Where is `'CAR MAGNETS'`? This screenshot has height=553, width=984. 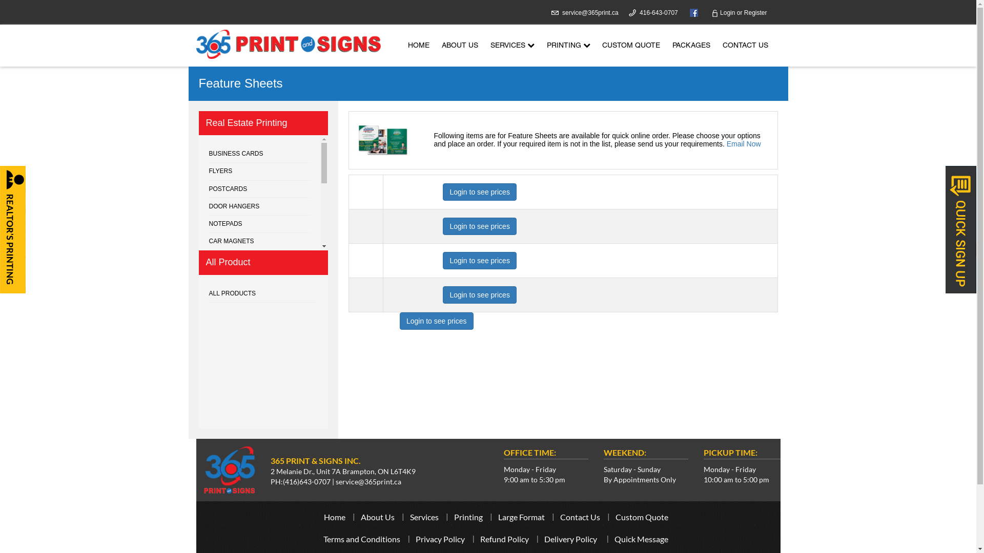 'CAR MAGNETS' is located at coordinates (260, 241).